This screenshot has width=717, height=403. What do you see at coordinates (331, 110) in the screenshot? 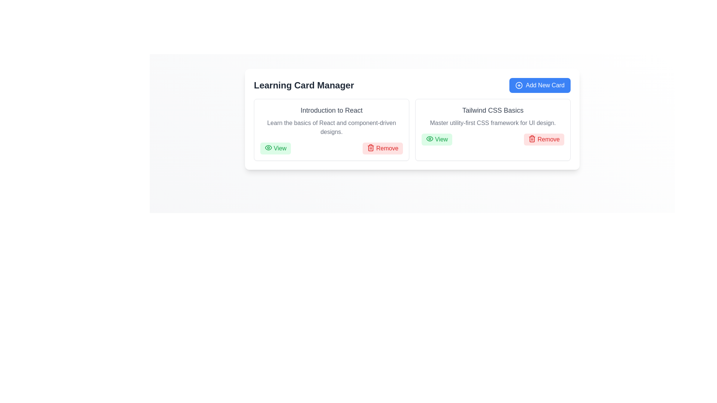
I see `the text label displaying 'Introduction to React' which is located at the top of the first card on the left` at bounding box center [331, 110].